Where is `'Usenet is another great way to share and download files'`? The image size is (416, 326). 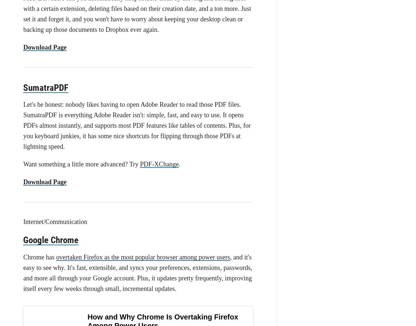
'Usenet is another great way to share and download files' is located at coordinates (132, 253).